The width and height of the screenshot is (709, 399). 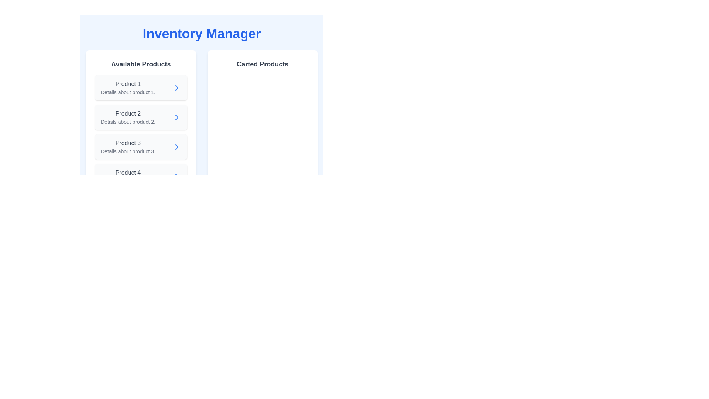 I want to click on the second Informational List Item under the 'Available Products' header, so click(x=128, y=117).